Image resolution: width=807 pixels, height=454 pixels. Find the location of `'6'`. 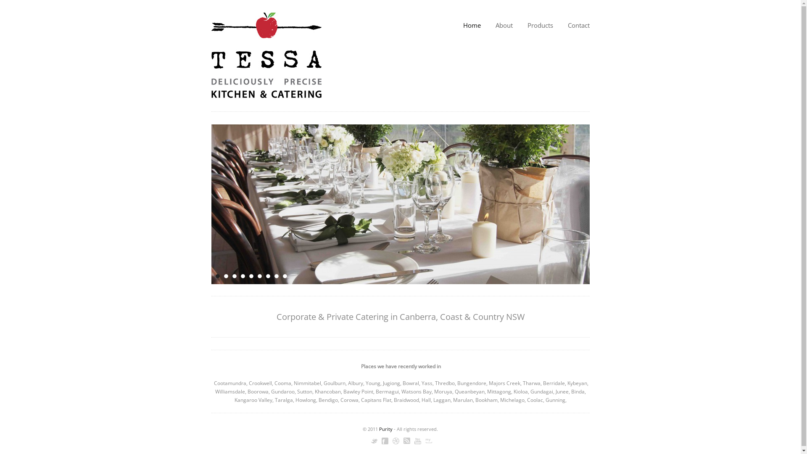

'6' is located at coordinates (259, 276).